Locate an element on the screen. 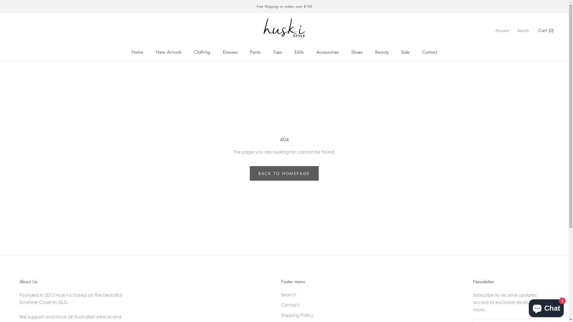 This screenshot has height=322, width=573. 'Pants is located at coordinates (255, 51).